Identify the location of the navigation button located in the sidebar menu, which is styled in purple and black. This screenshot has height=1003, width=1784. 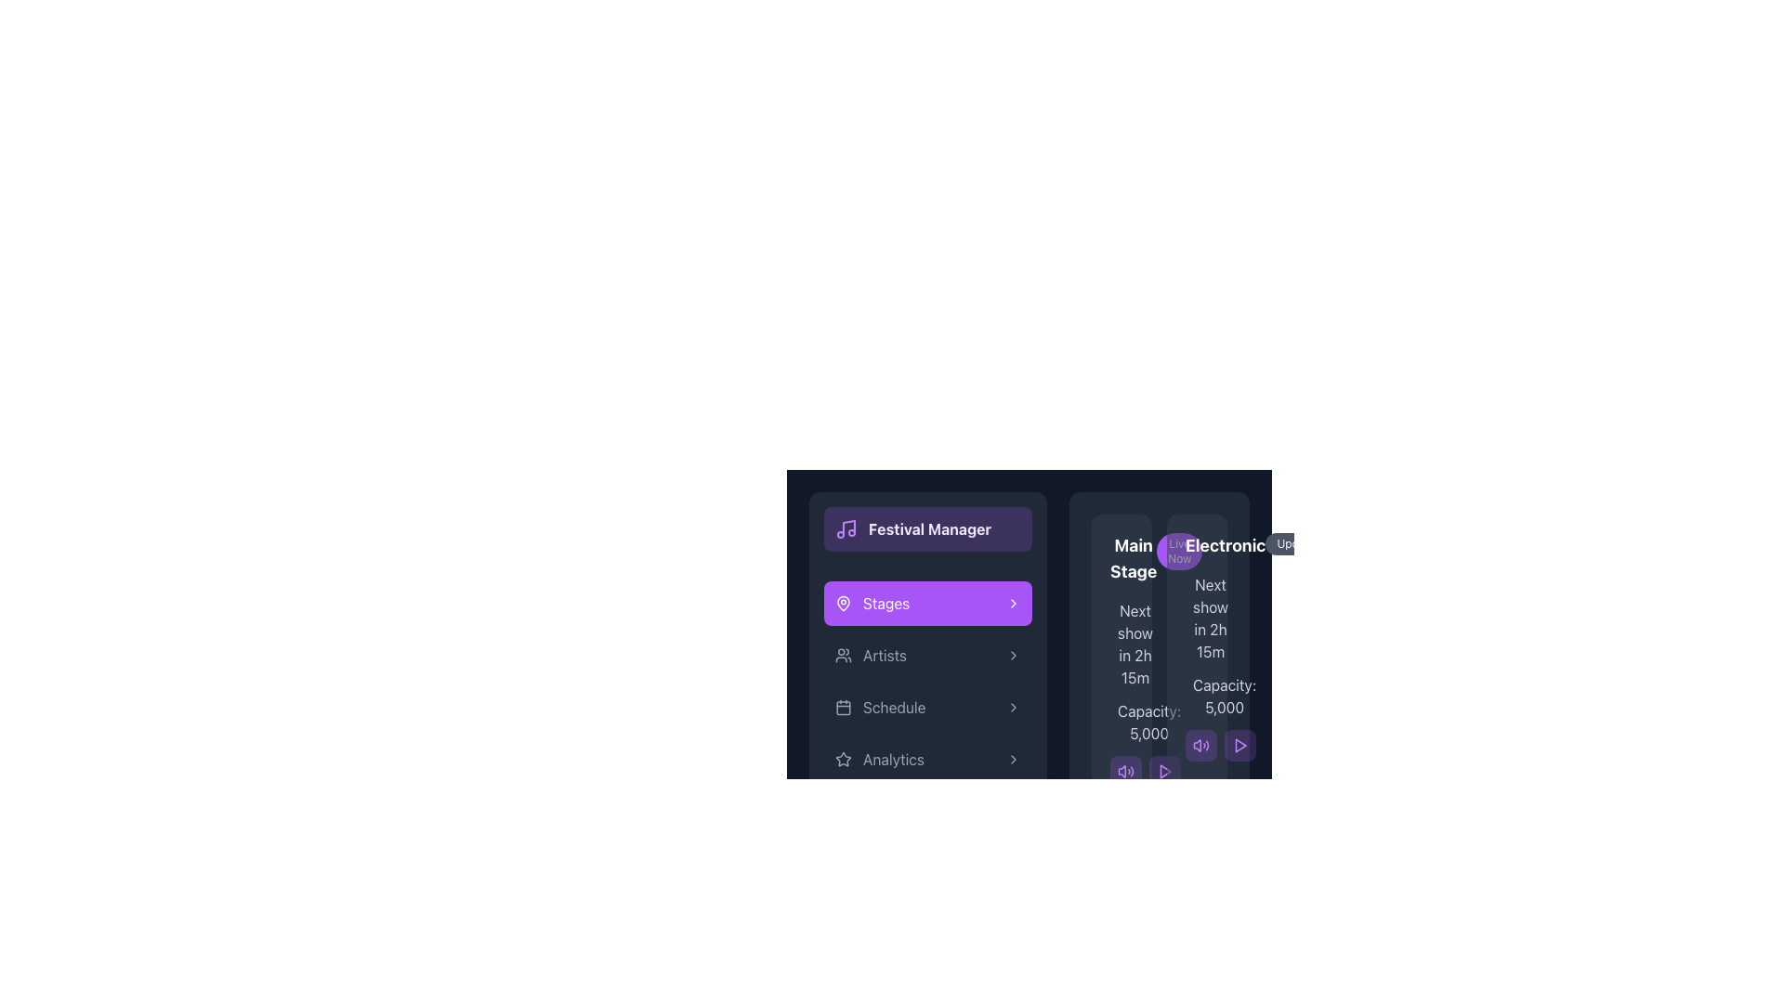
(927, 604).